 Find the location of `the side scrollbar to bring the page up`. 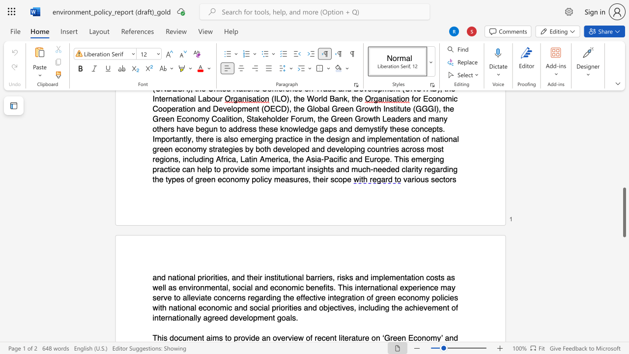

the side scrollbar to bring the page up is located at coordinates (624, 166).